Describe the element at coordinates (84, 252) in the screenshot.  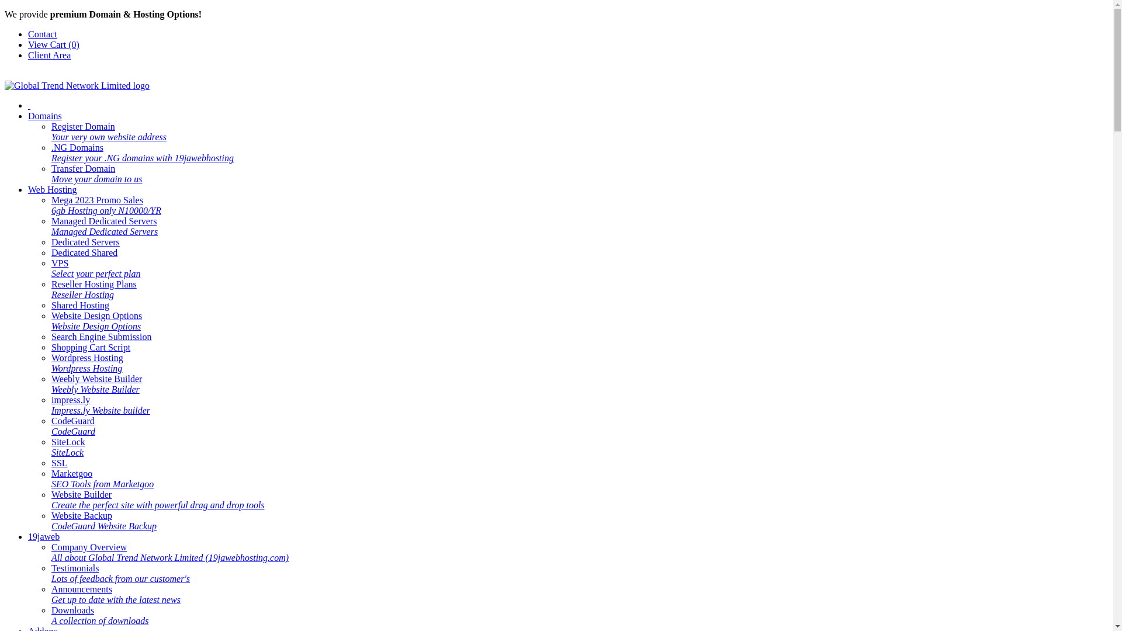
I see `'Dedicated Shared'` at that location.